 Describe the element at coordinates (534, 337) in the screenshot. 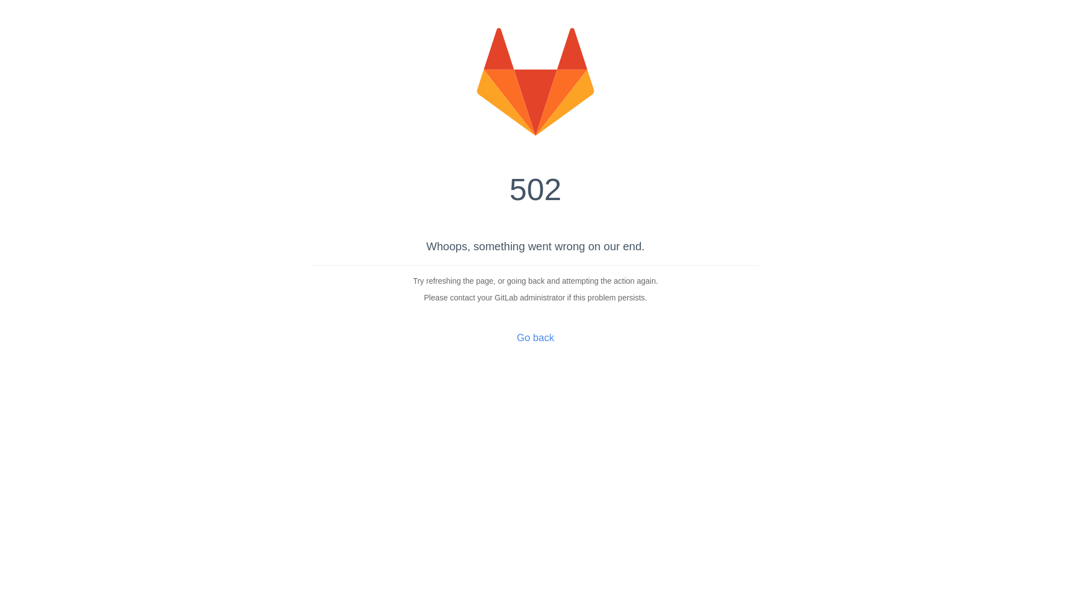

I see `'Go back'` at that location.